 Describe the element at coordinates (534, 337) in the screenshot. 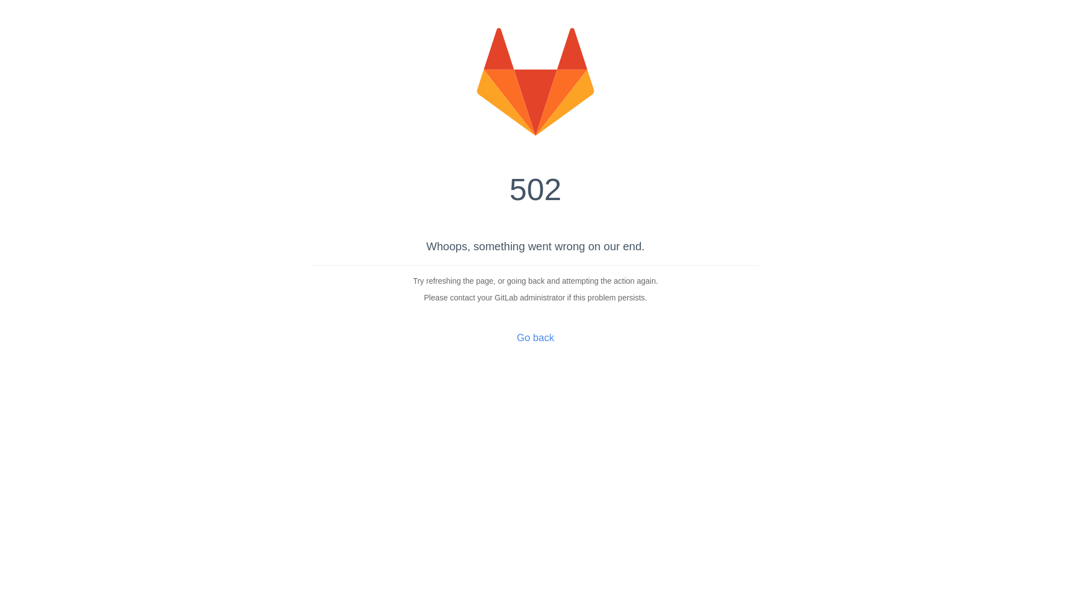

I see `'Go back'` at that location.